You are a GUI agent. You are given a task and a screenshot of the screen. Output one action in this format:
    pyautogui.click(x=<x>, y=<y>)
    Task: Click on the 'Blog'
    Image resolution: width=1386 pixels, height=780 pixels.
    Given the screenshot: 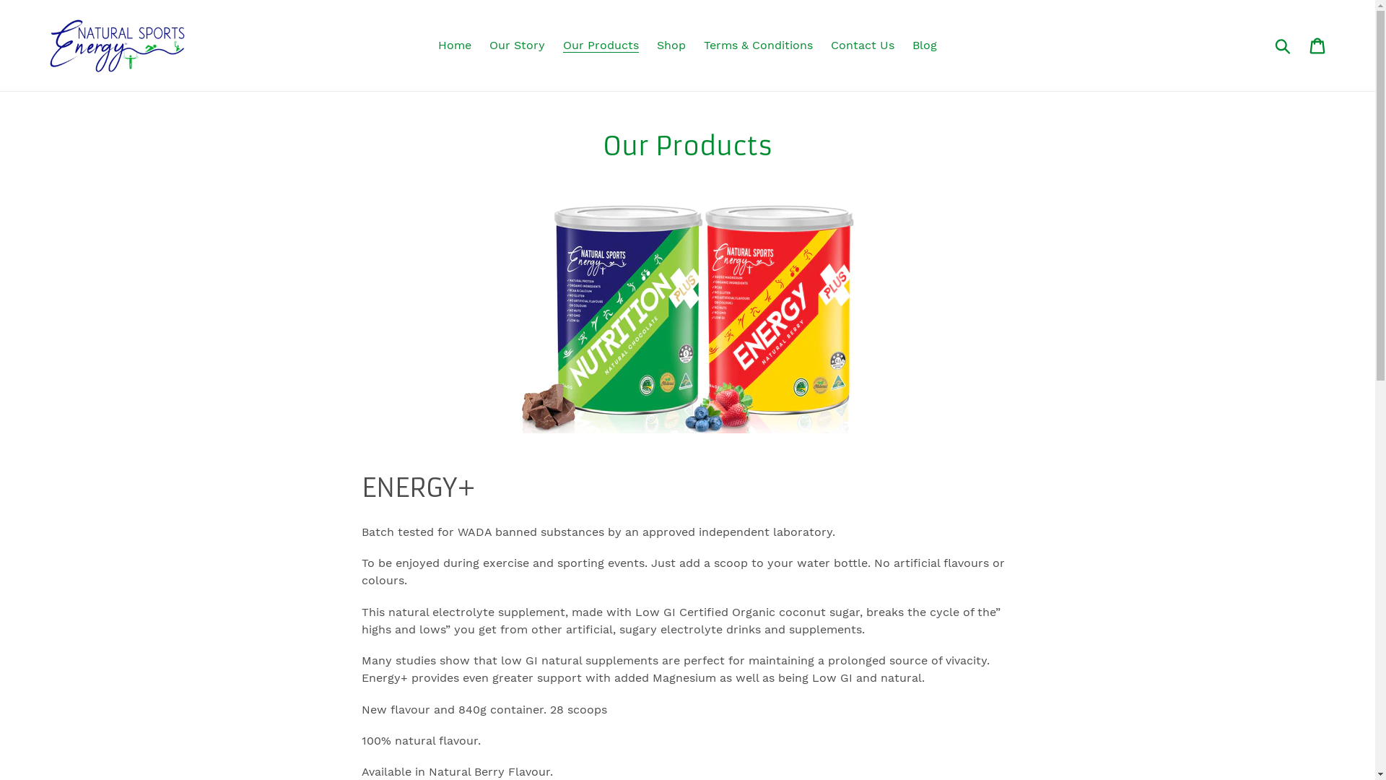 What is the action you would take?
    pyautogui.click(x=925, y=44)
    